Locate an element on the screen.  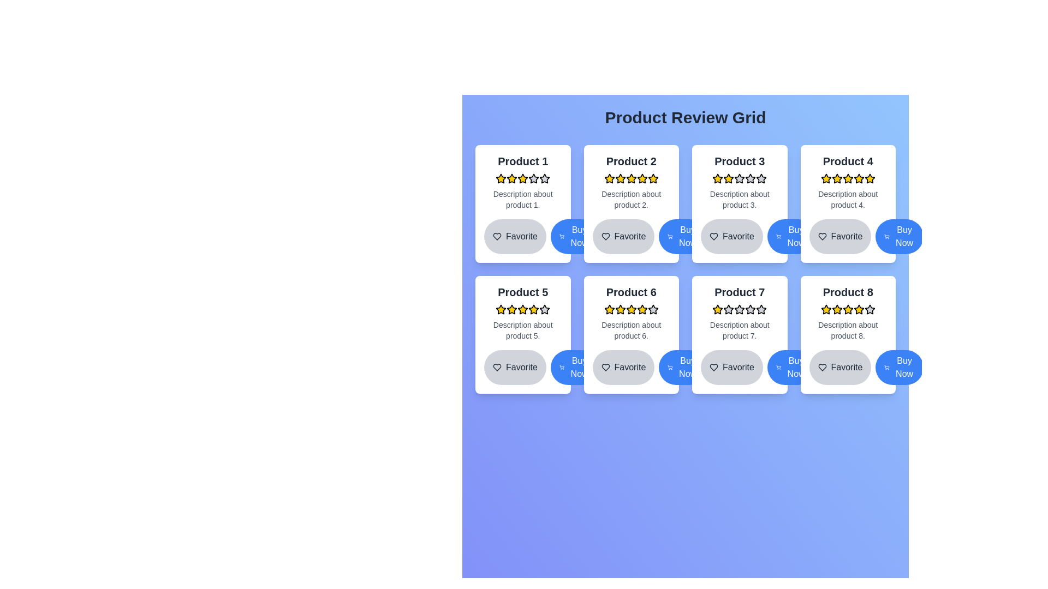
the third star icon in the rating system for 'Product 5' to interact with the rating is located at coordinates (511, 309).